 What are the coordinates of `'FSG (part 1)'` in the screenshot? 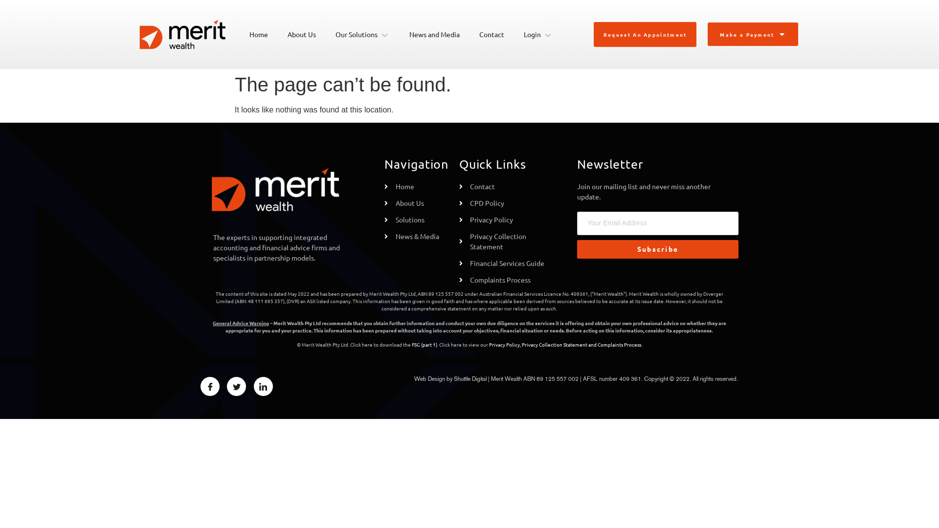 It's located at (425, 344).